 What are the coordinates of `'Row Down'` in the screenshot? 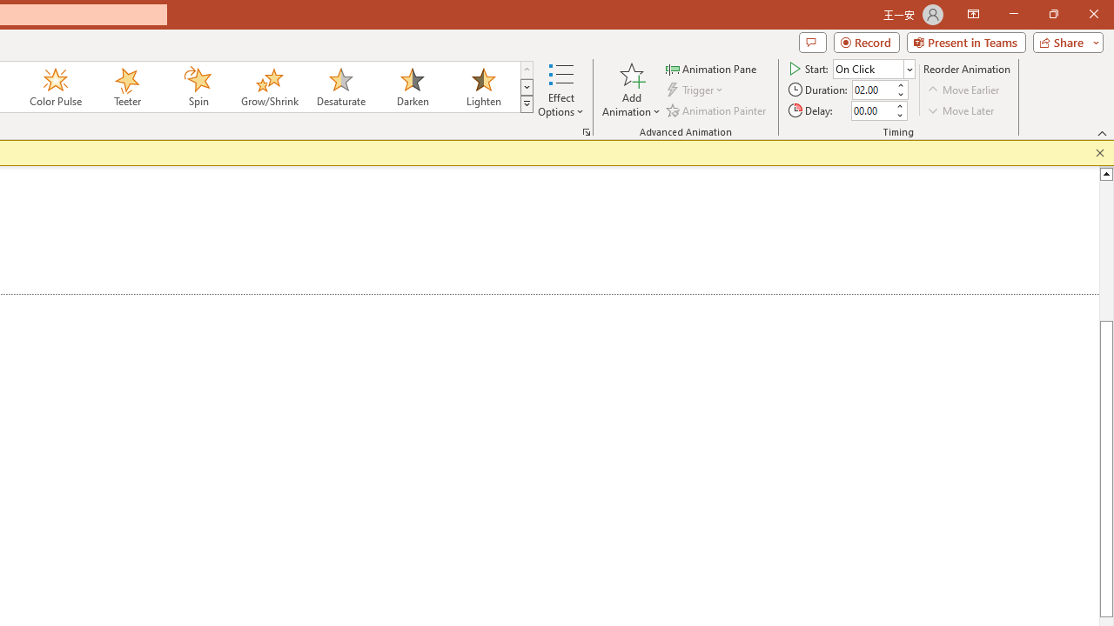 It's located at (526, 87).